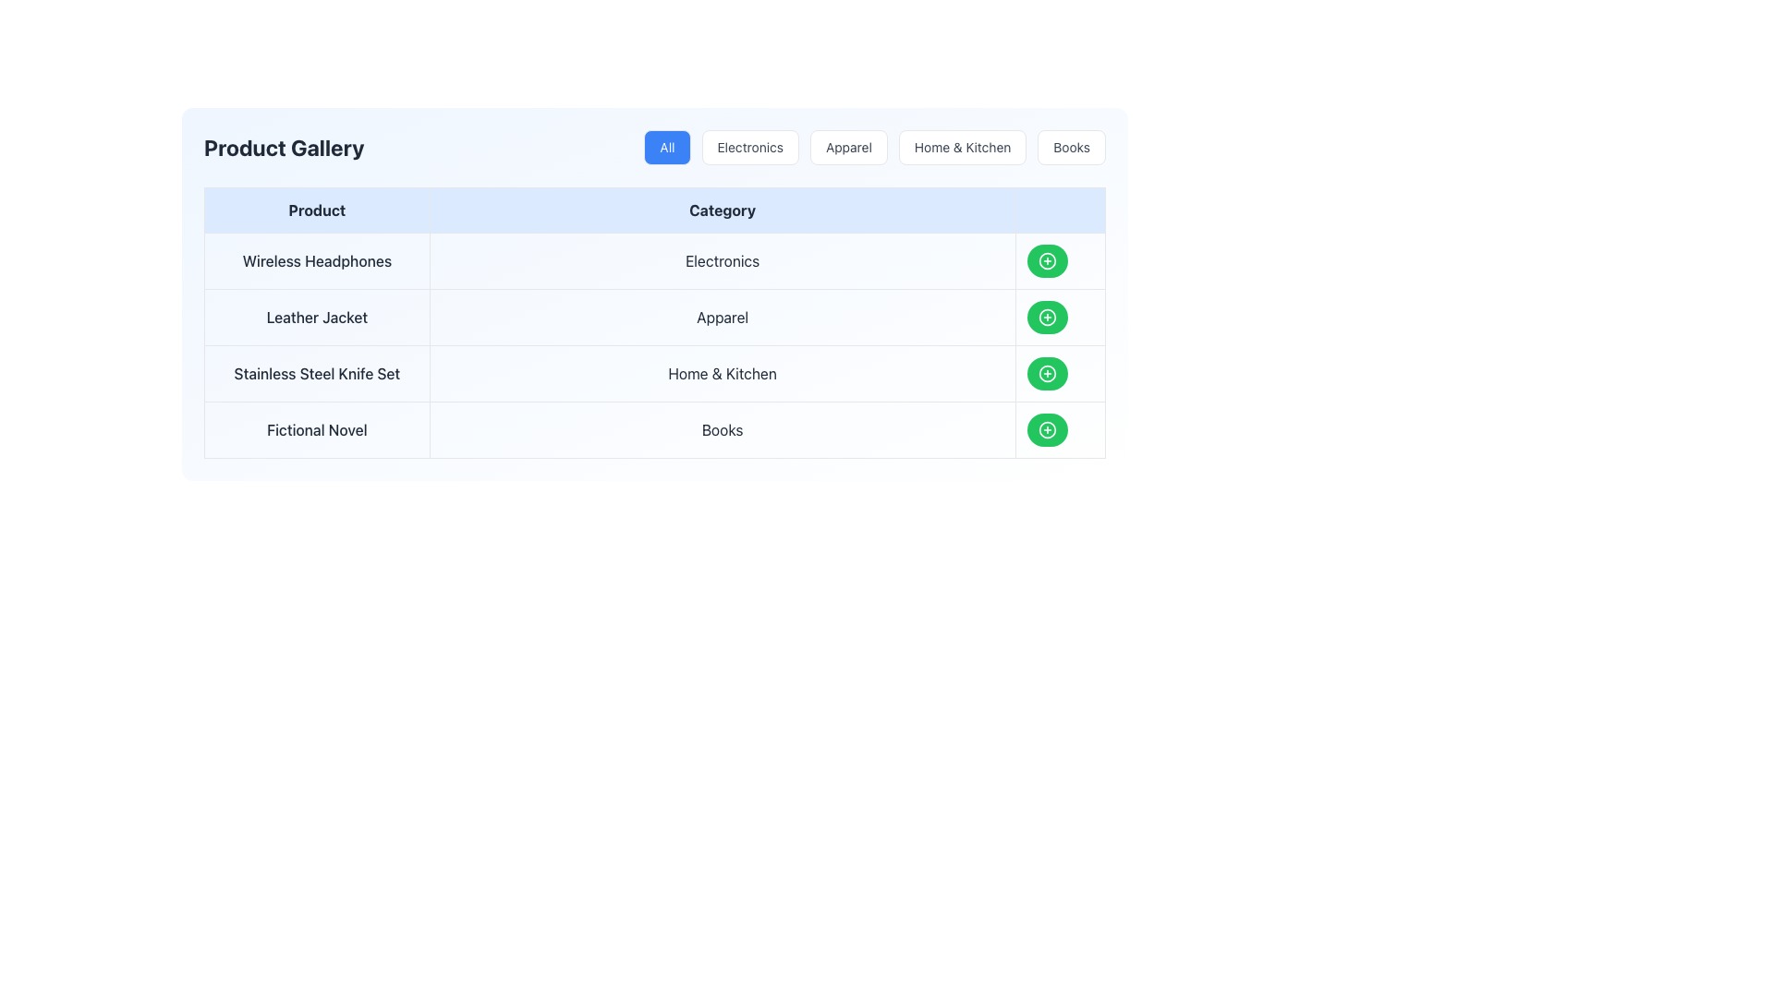  I want to click on the oval-shaped green button with a white '+' icon, so click(1060, 374).